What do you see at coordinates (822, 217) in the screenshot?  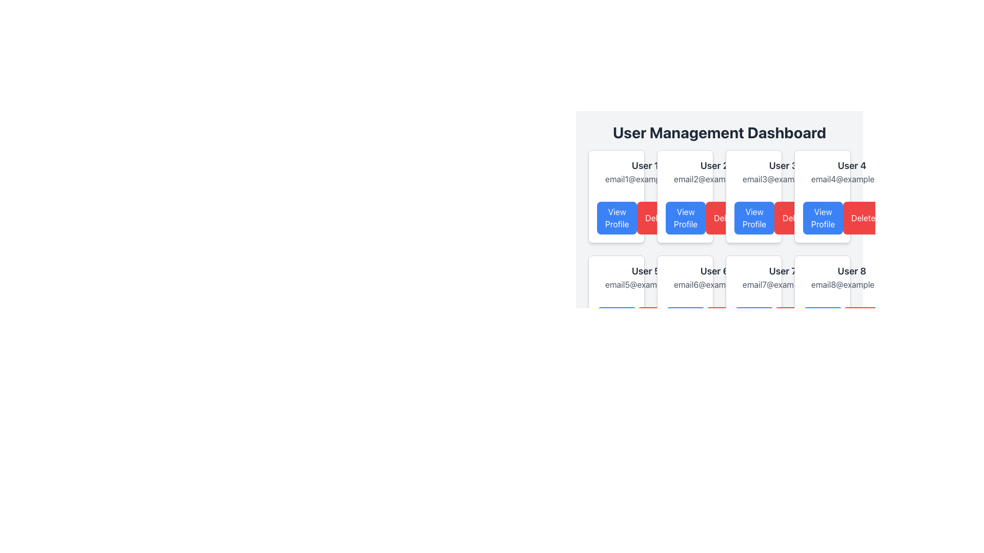 I see `the button` at bounding box center [822, 217].